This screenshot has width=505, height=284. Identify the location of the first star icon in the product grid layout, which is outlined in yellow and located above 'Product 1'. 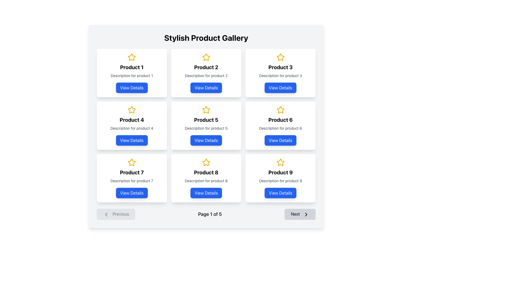
(132, 57).